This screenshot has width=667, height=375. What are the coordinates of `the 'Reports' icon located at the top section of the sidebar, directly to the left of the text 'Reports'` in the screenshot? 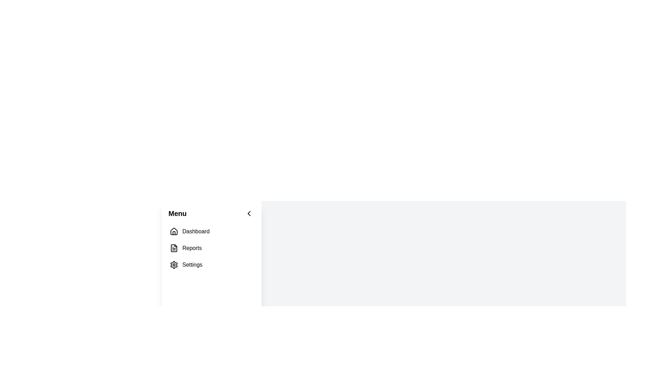 It's located at (174, 248).